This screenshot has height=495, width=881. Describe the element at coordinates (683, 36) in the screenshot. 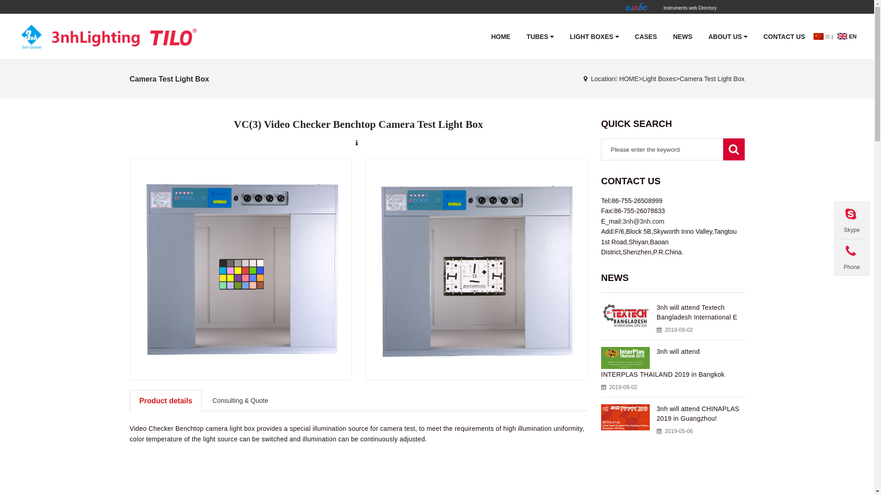

I see `'NEWS'` at that location.